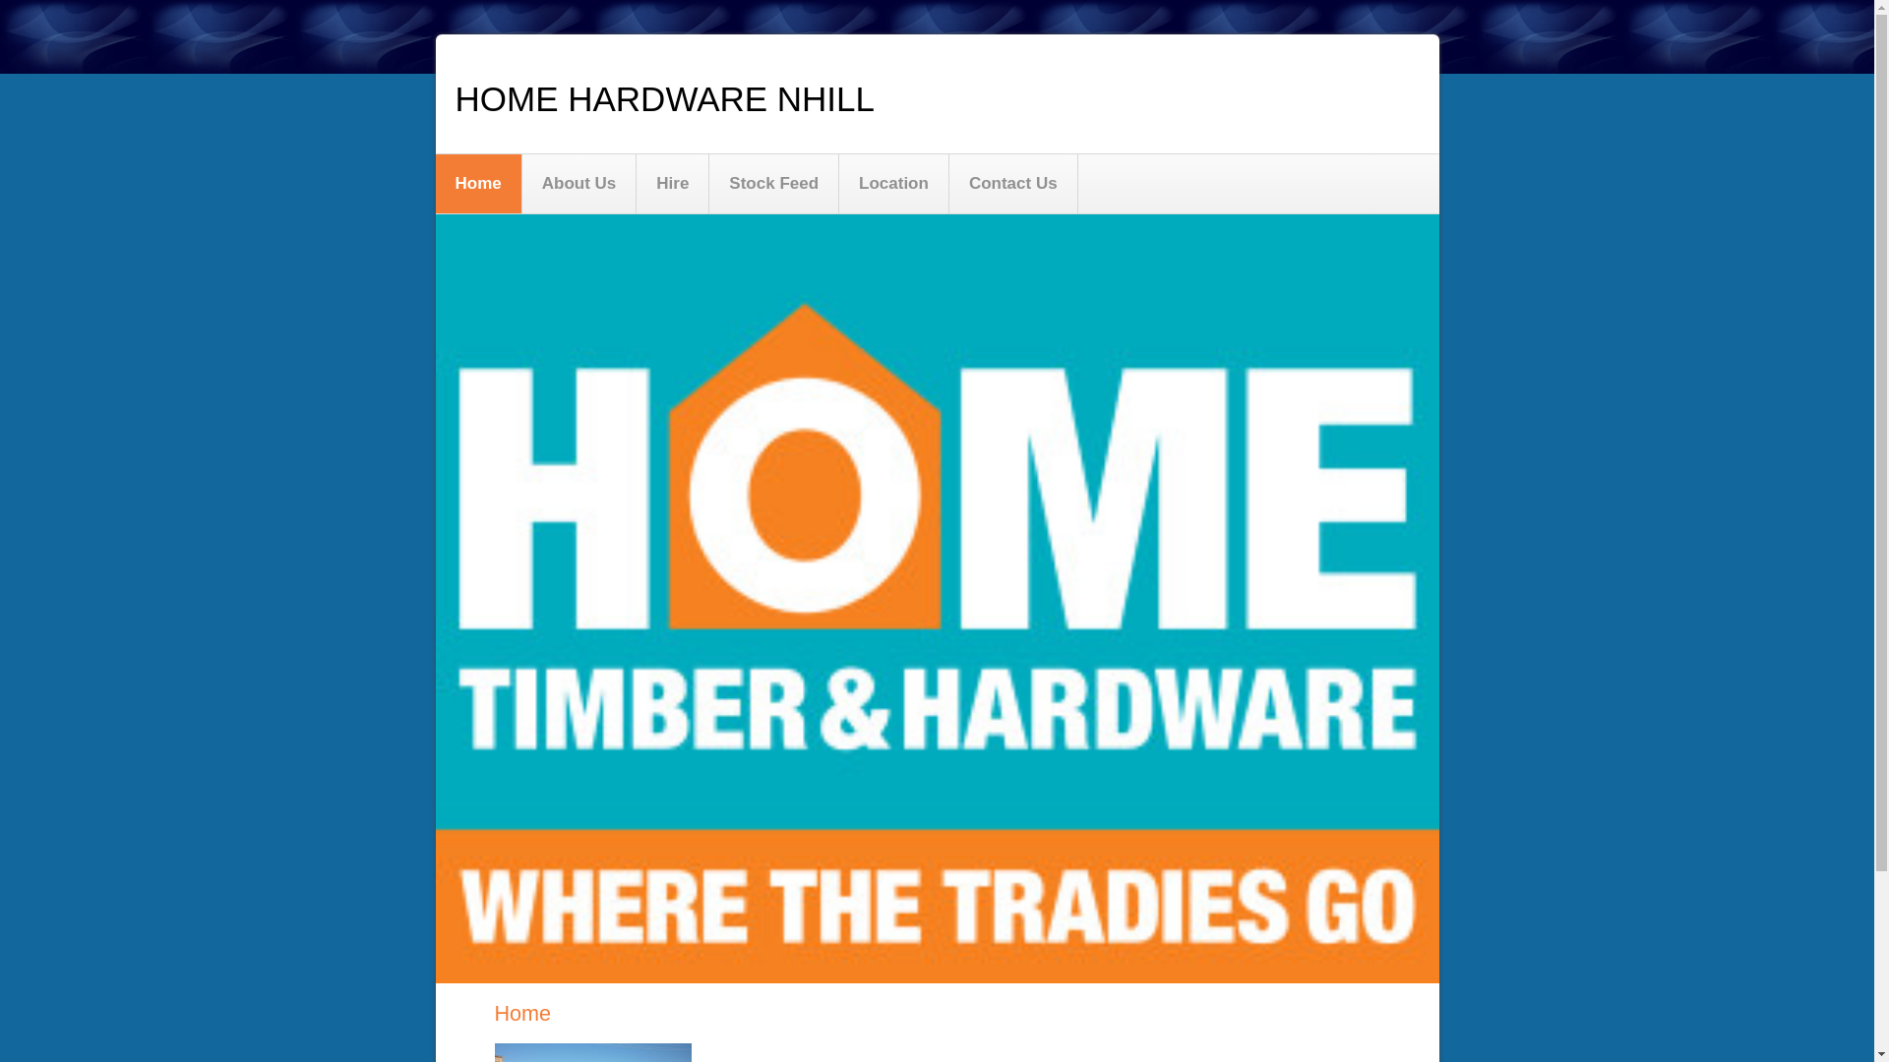 This screenshot has height=1062, width=1889. What do you see at coordinates (673, 183) in the screenshot?
I see `'Hire'` at bounding box center [673, 183].